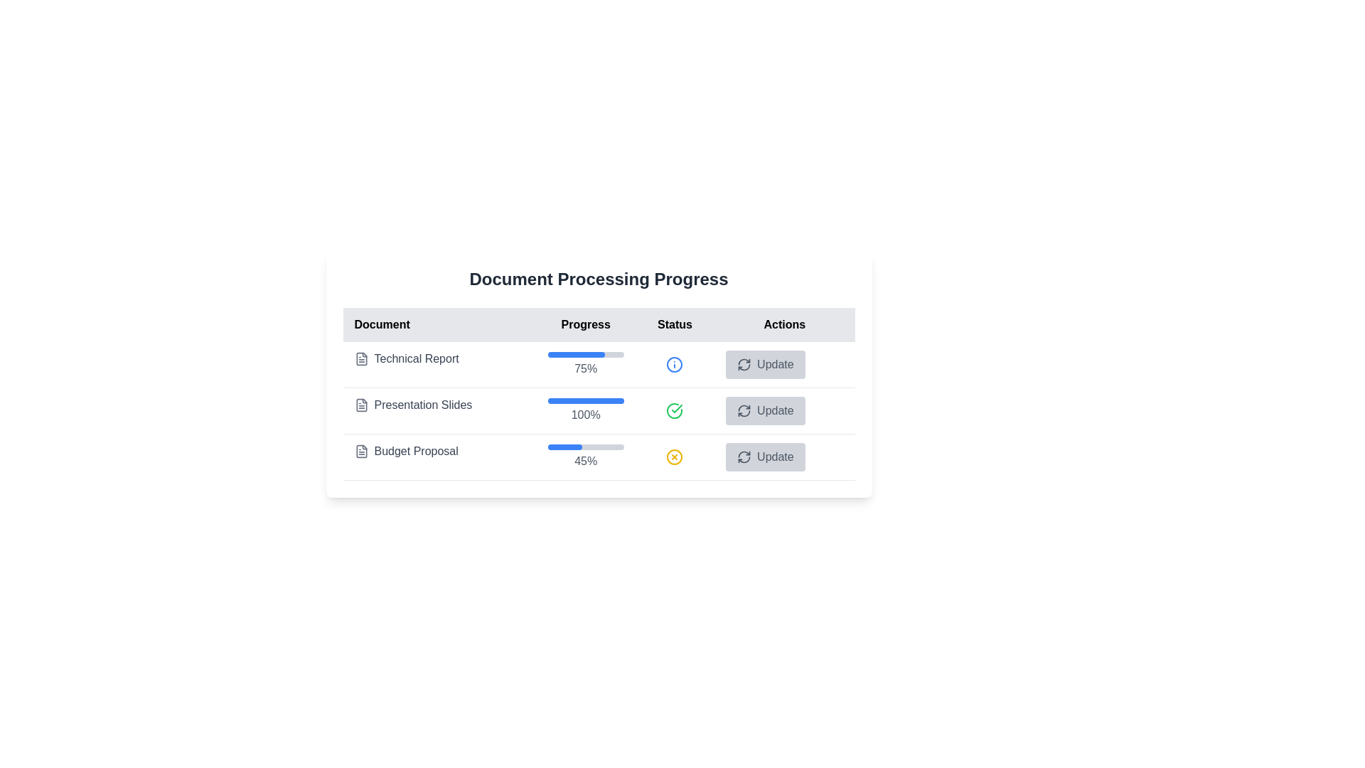  What do you see at coordinates (586, 353) in the screenshot?
I see `the progress bar indicating 75% completion in the 'Progress' column of the 'Technical Report' row` at bounding box center [586, 353].